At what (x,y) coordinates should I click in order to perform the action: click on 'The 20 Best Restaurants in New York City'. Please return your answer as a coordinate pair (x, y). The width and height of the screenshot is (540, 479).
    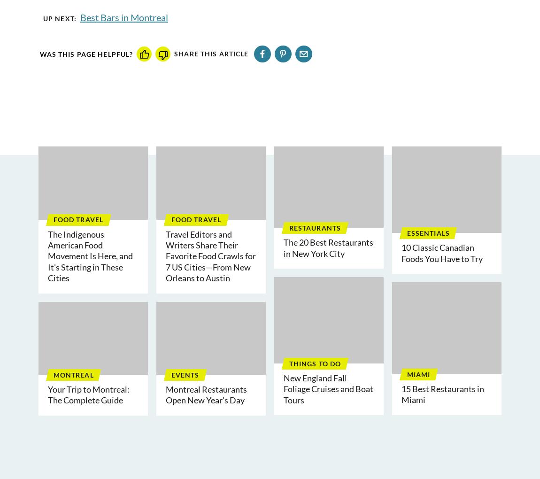
    Looking at the image, I should click on (328, 247).